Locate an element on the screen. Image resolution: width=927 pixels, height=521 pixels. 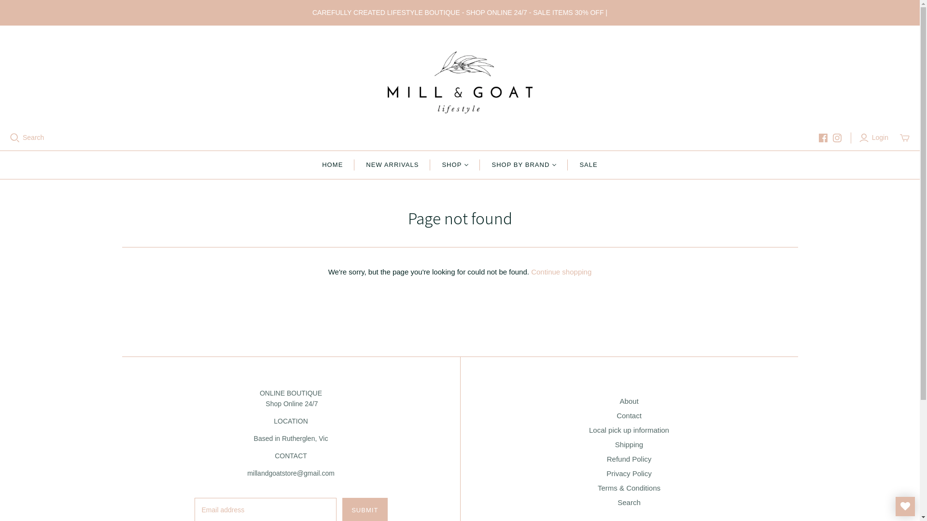
'MY WISHLIST' is located at coordinates (905, 506).